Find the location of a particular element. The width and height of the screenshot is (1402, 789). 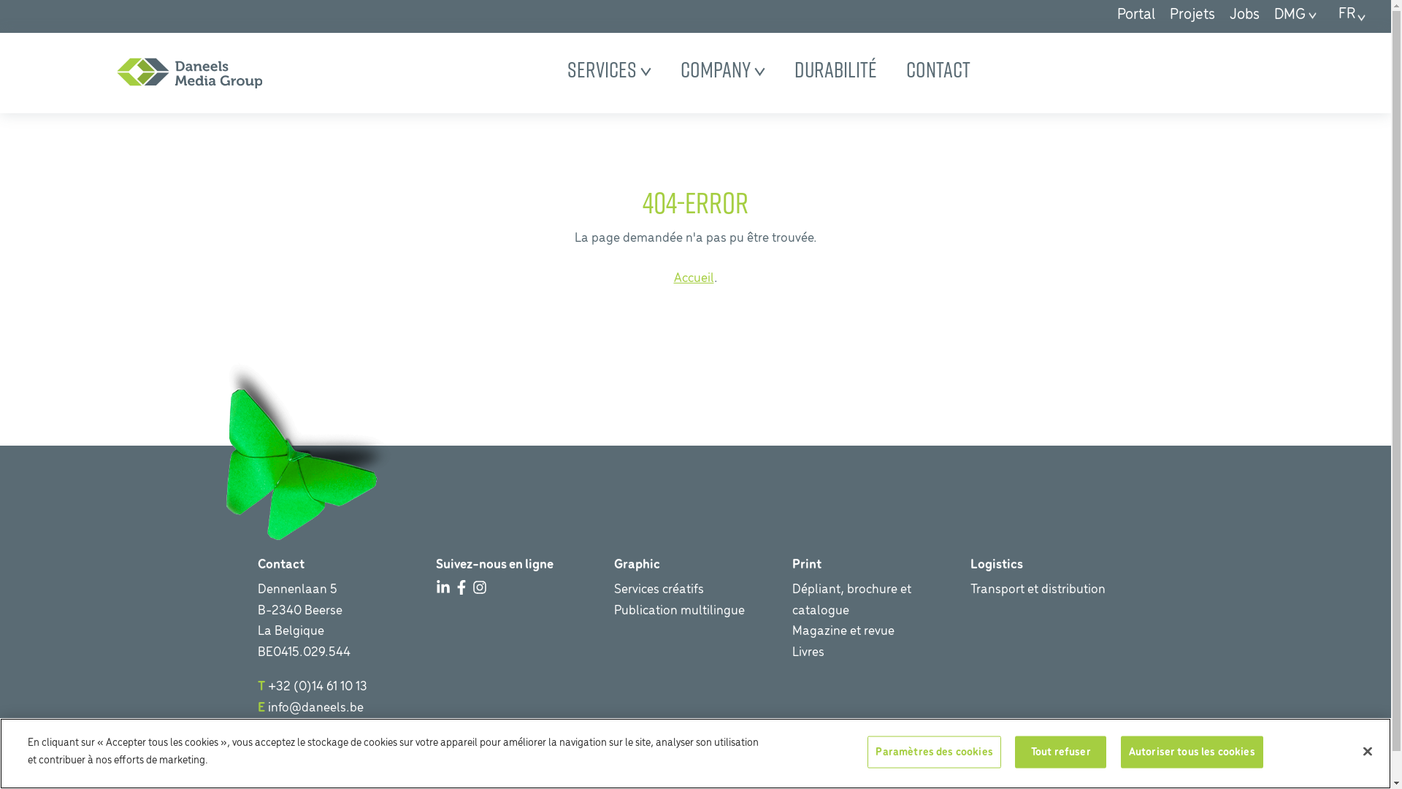

'info@daneels.be' is located at coordinates (314, 707).